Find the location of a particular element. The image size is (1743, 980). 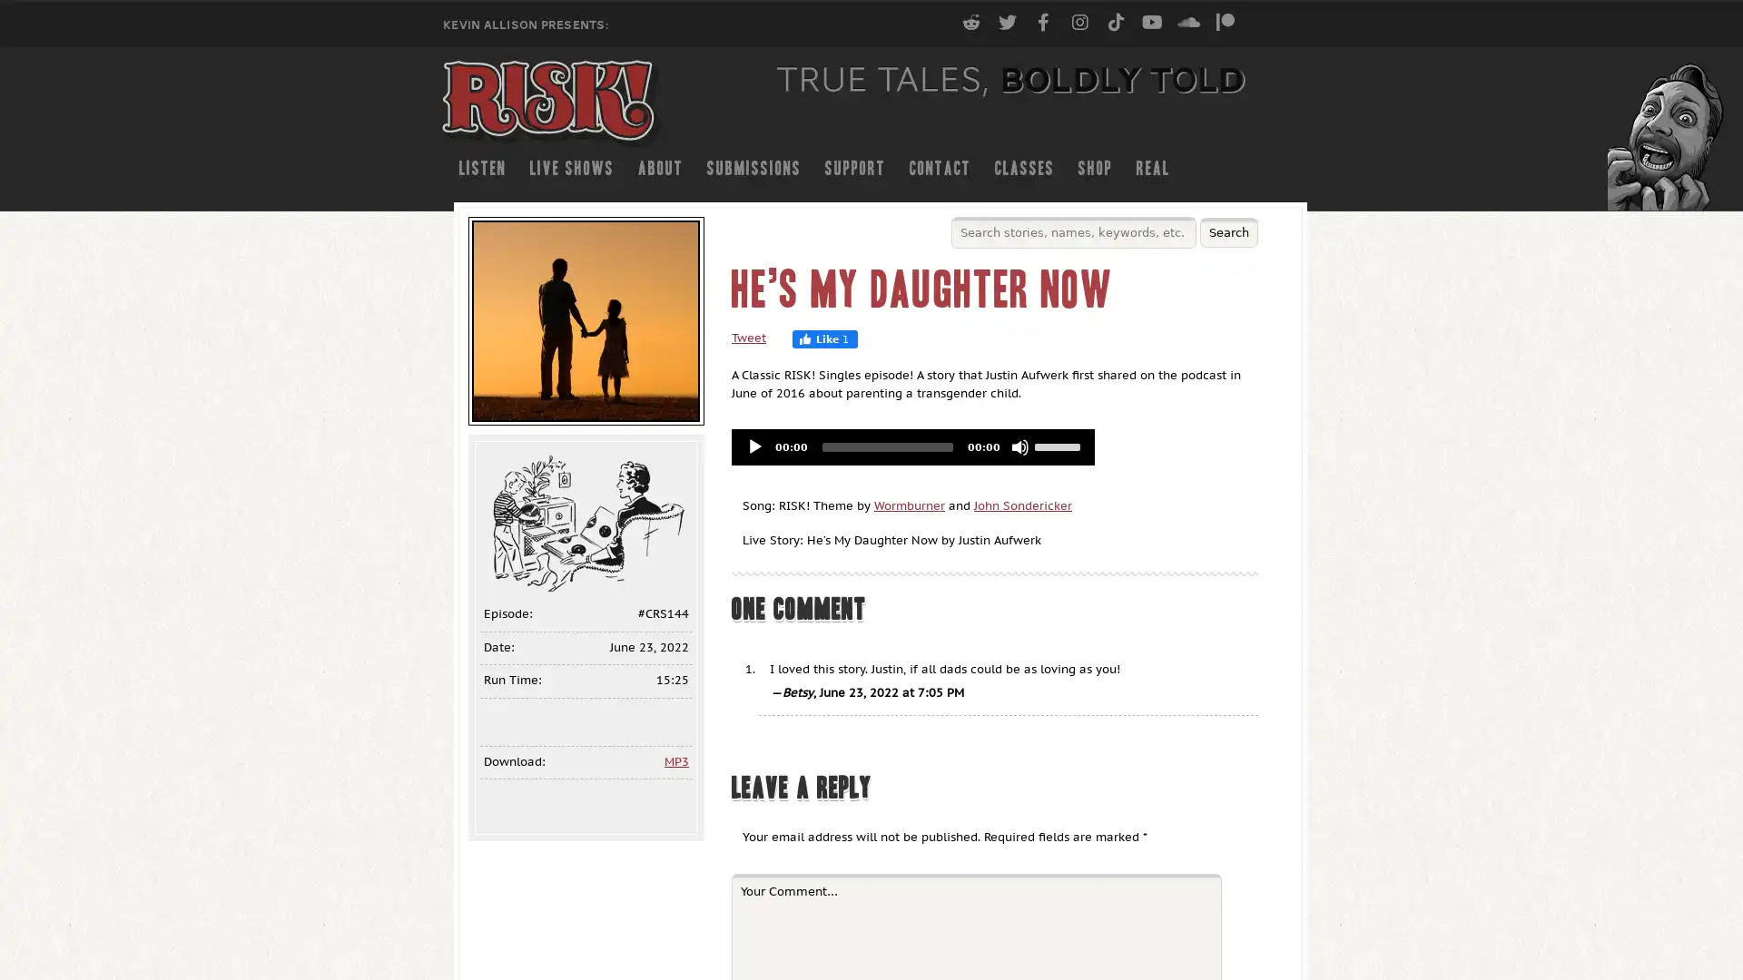

Mute is located at coordinates (1019, 447).